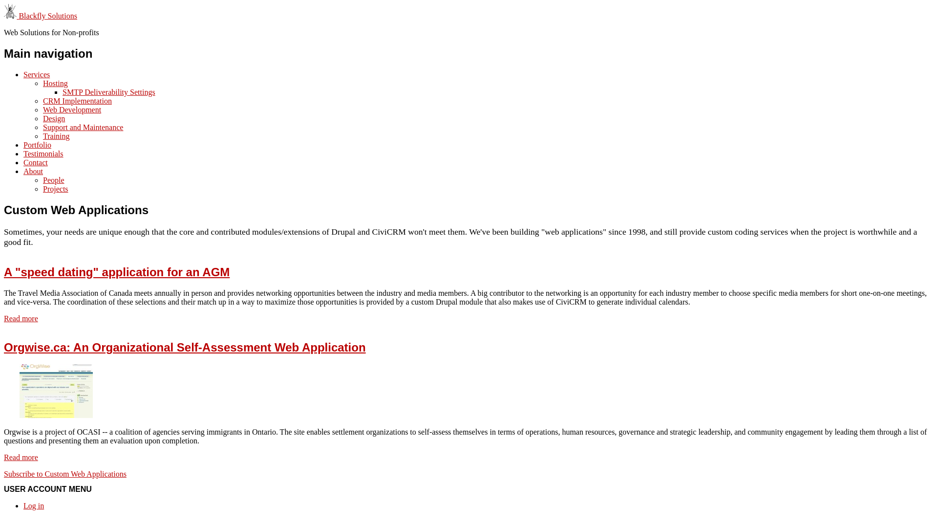  I want to click on 'Subscribe to Custom Web Applications', so click(4, 473).